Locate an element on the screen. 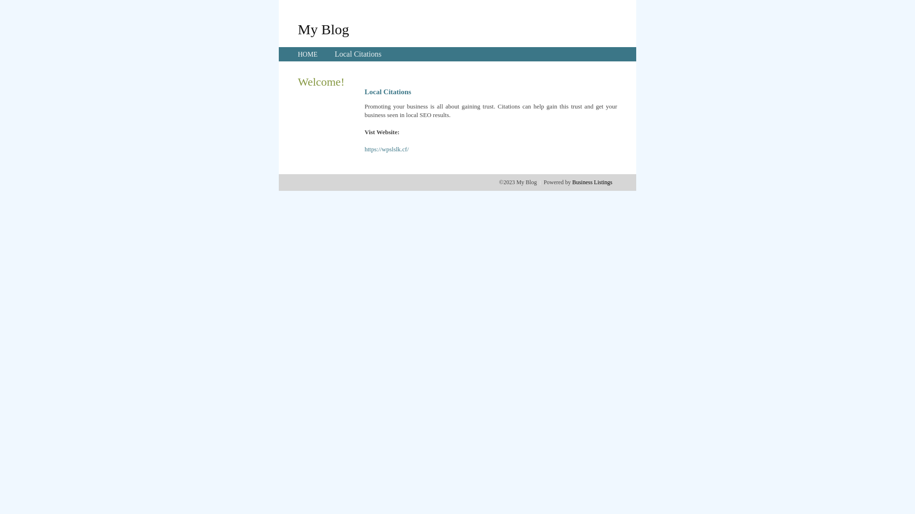 This screenshot has width=915, height=514. 'https://wpslslk.cf/' is located at coordinates (386, 149).